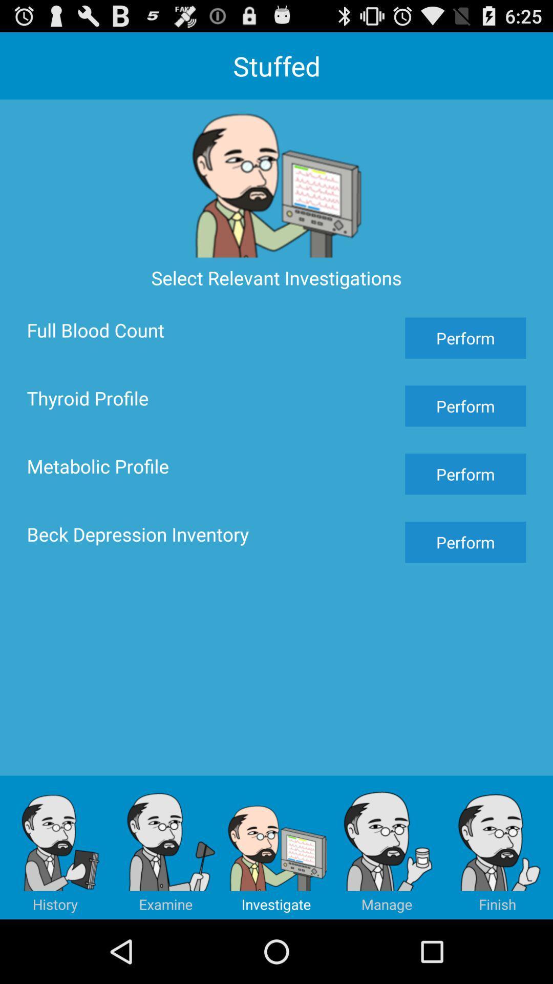 This screenshot has width=553, height=984. I want to click on item below beck depression inventory item, so click(55, 847).